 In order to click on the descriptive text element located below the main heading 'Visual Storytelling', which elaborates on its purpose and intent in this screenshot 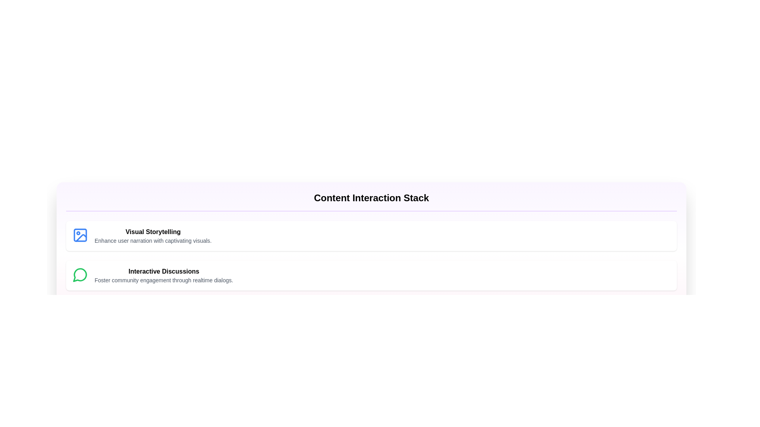, I will do `click(153, 240)`.